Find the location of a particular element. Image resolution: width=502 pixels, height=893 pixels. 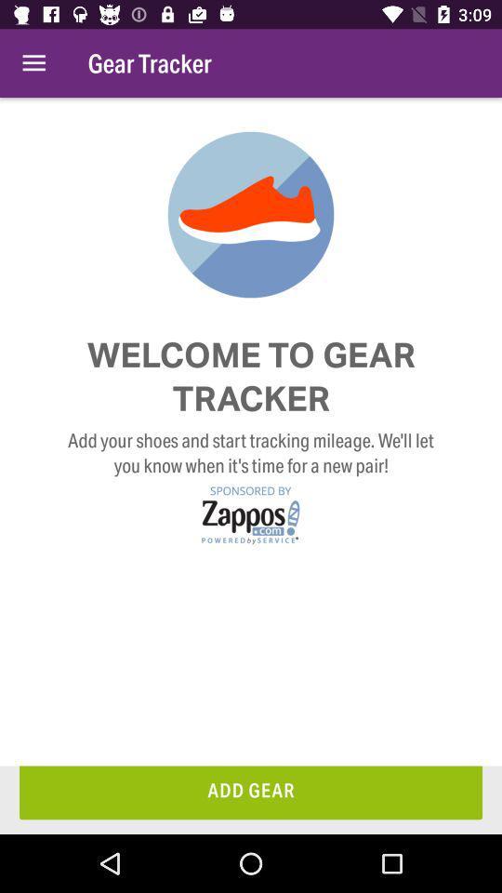

add gear icon is located at coordinates (251, 792).